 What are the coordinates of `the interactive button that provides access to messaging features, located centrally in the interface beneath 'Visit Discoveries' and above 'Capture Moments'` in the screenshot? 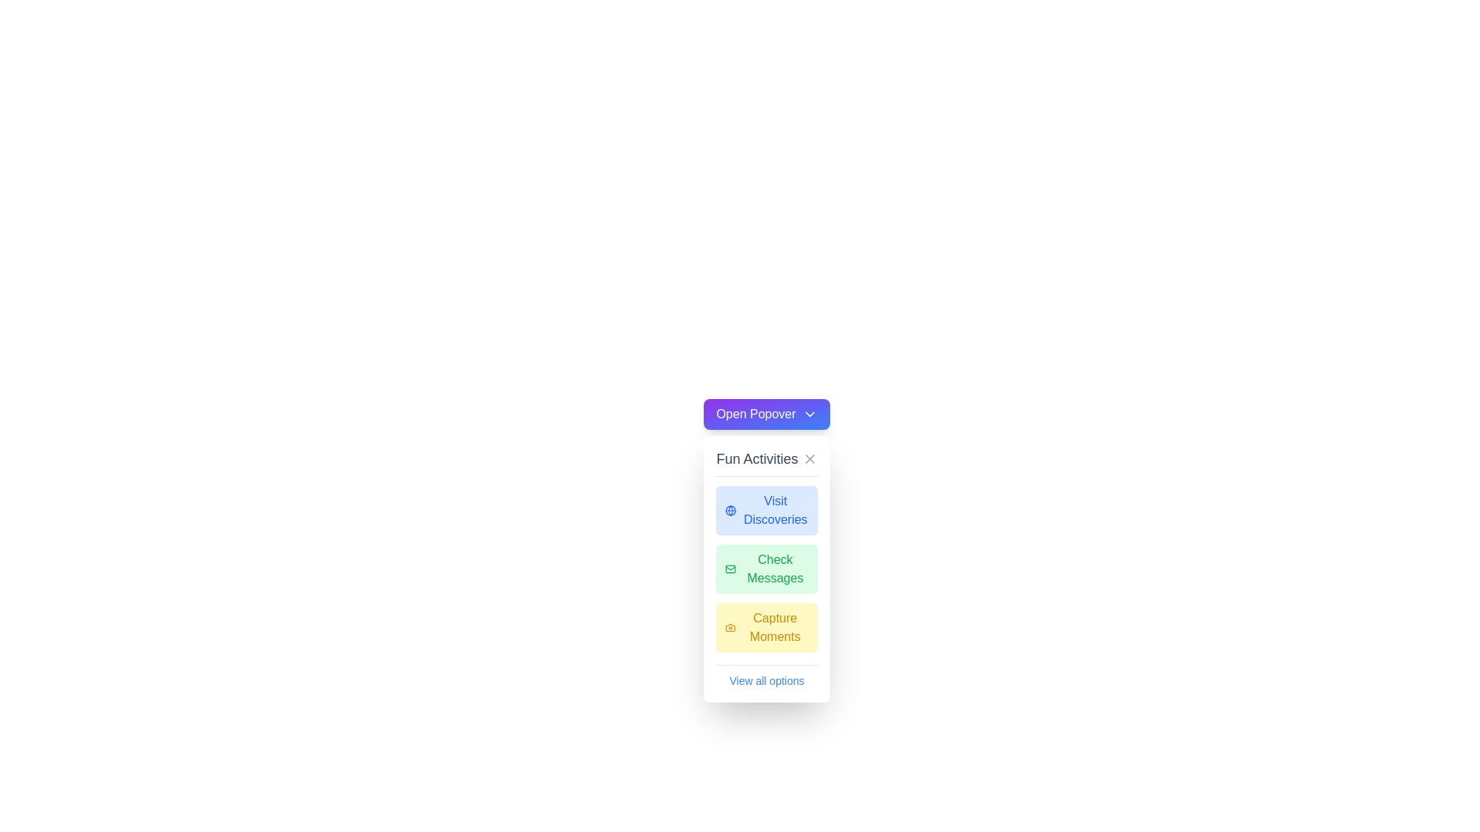 It's located at (766, 569).